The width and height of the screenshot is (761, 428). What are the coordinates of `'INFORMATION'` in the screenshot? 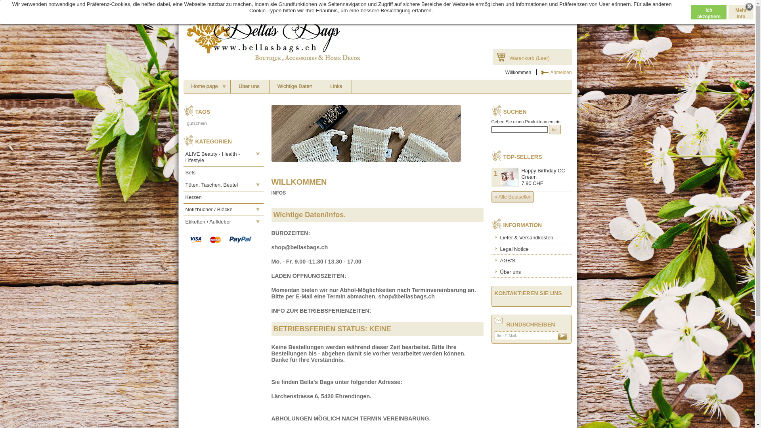 It's located at (523, 225).